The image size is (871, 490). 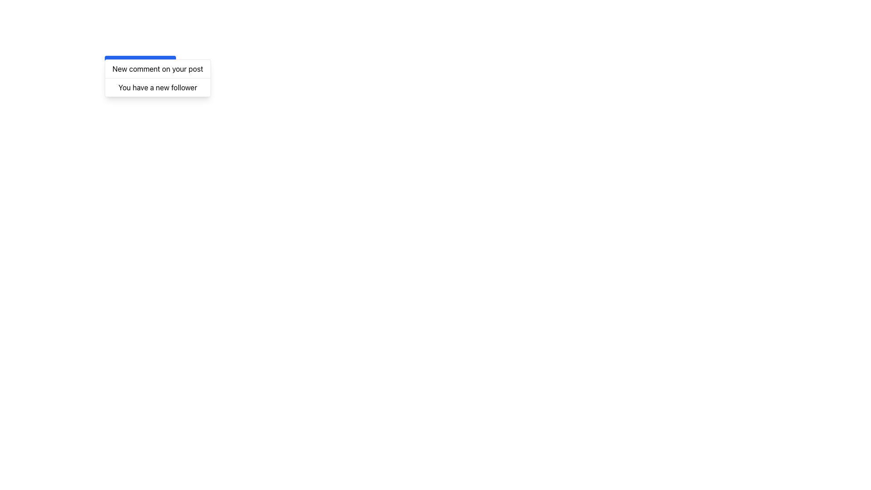 What do you see at coordinates (114, 64) in the screenshot?
I see `the notification bell icon, which is styled with a light color and minimalistic outline design, located to the left of the text '2 Notifications'` at bounding box center [114, 64].